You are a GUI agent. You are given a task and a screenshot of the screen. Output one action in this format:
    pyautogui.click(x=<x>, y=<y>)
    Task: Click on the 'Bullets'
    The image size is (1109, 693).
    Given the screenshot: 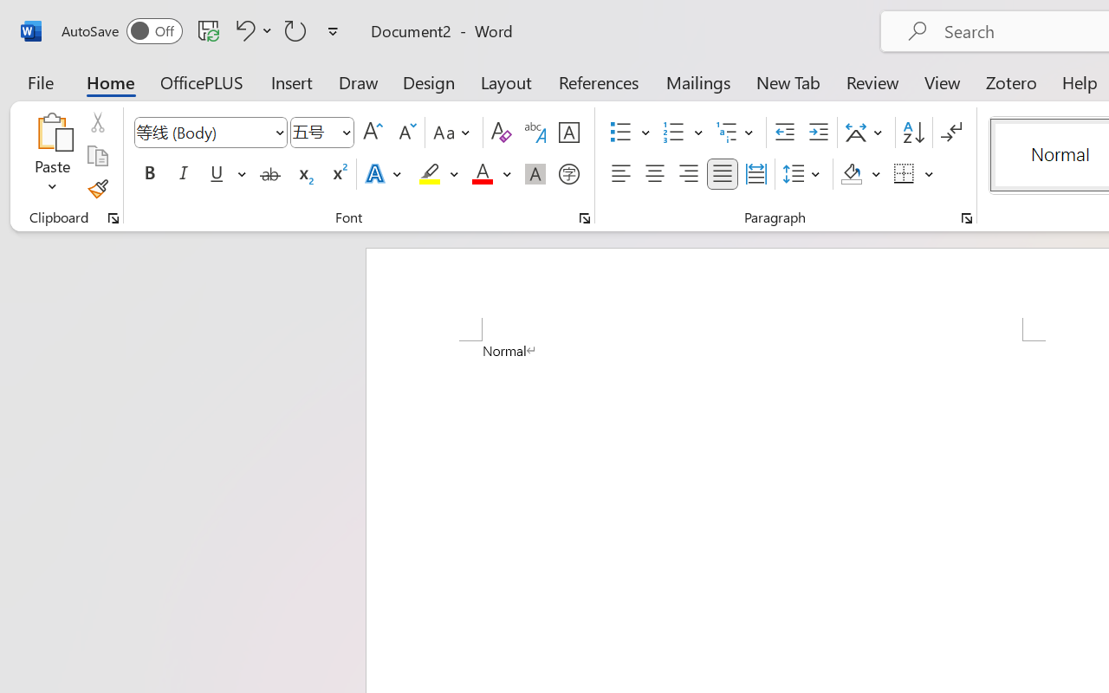 What is the action you would take?
    pyautogui.click(x=629, y=133)
    